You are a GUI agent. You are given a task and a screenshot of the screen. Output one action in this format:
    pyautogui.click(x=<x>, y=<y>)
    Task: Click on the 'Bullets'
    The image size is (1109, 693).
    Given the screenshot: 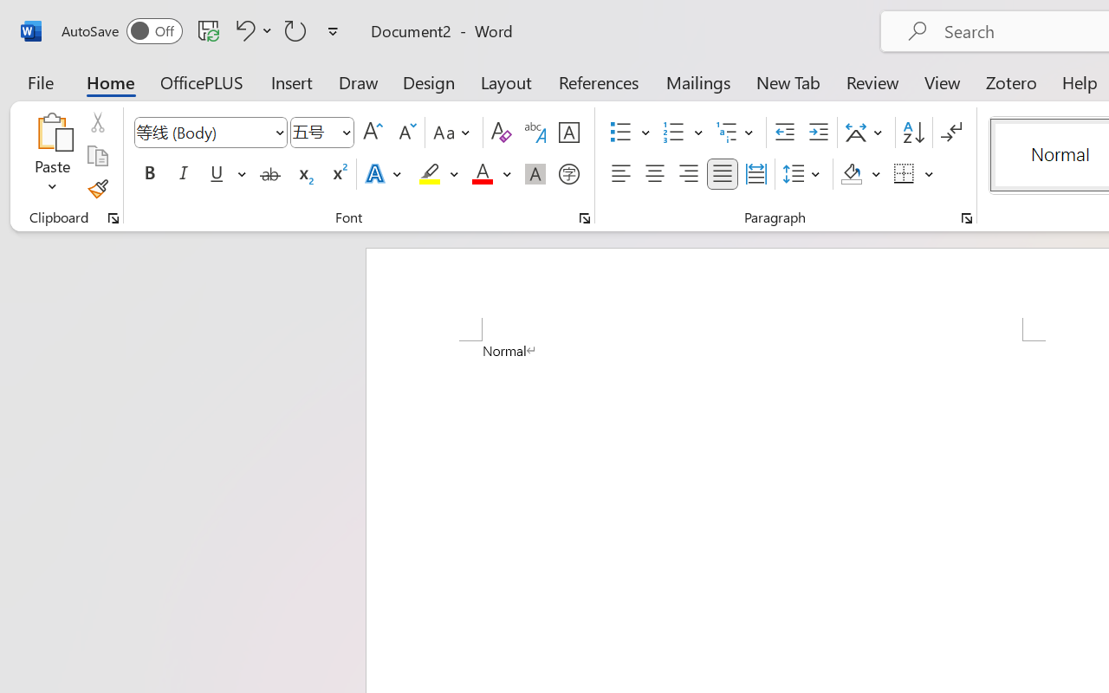 What is the action you would take?
    pyautogui.click(x=629, y=133)
    